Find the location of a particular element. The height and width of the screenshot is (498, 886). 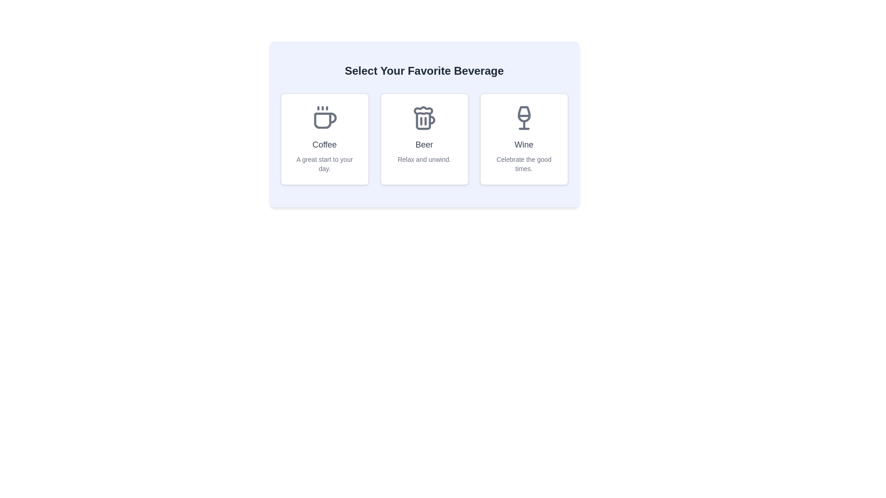

the coffee cup icon, which visually represents the 'Coffee' option in the UI is located at coordinates (325, 120).